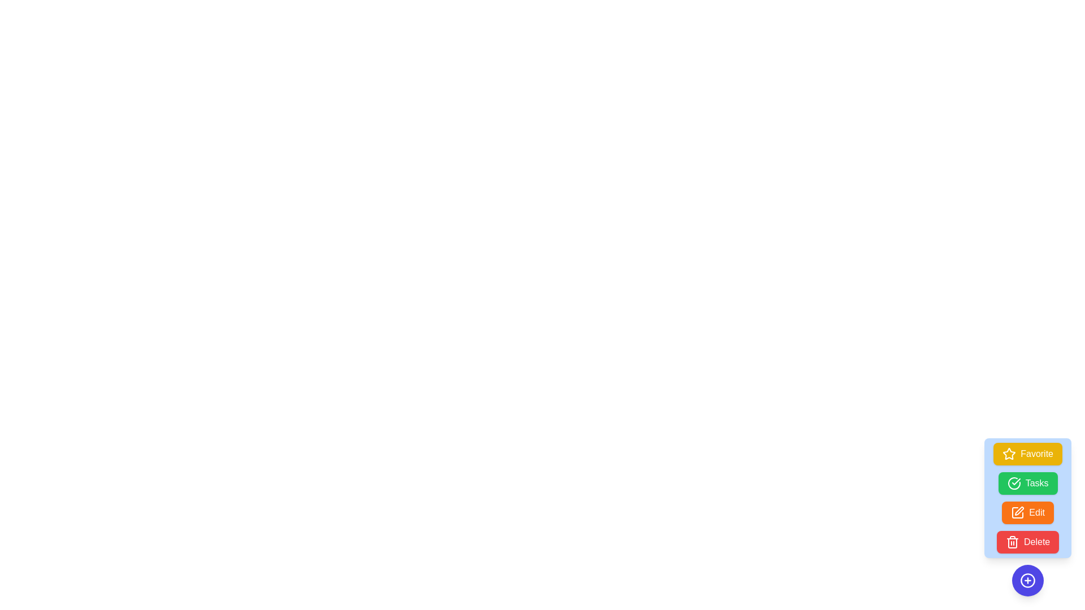  Describe the element at coordinates (1016, 481) in the screenshot. I see `the checkmark icon decoration located on the right side of the interface, part of the green 'Tasks' button` at that location.